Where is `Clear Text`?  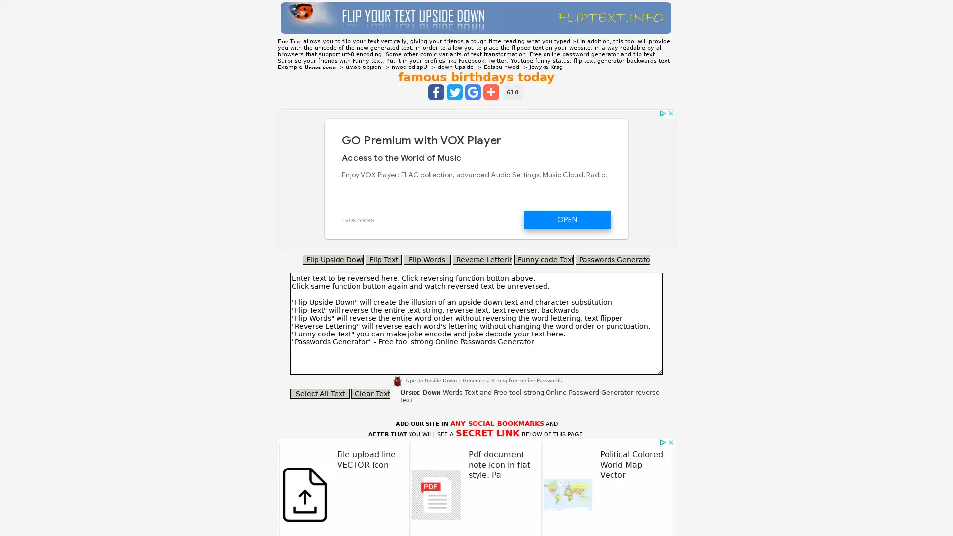 Clear Text is located at coordinates (370, 393).